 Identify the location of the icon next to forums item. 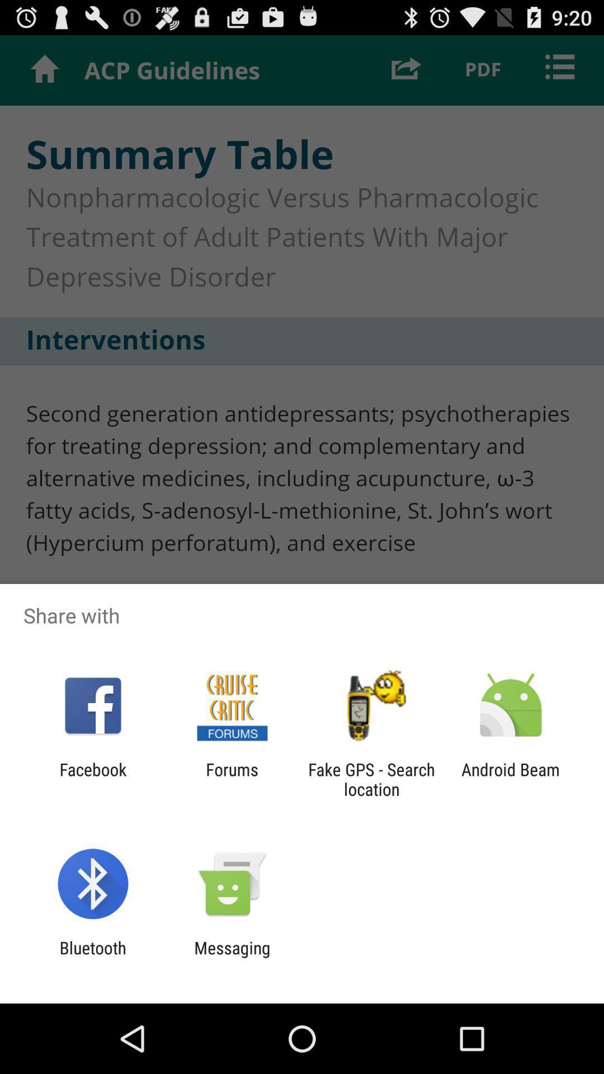
(371, 779).